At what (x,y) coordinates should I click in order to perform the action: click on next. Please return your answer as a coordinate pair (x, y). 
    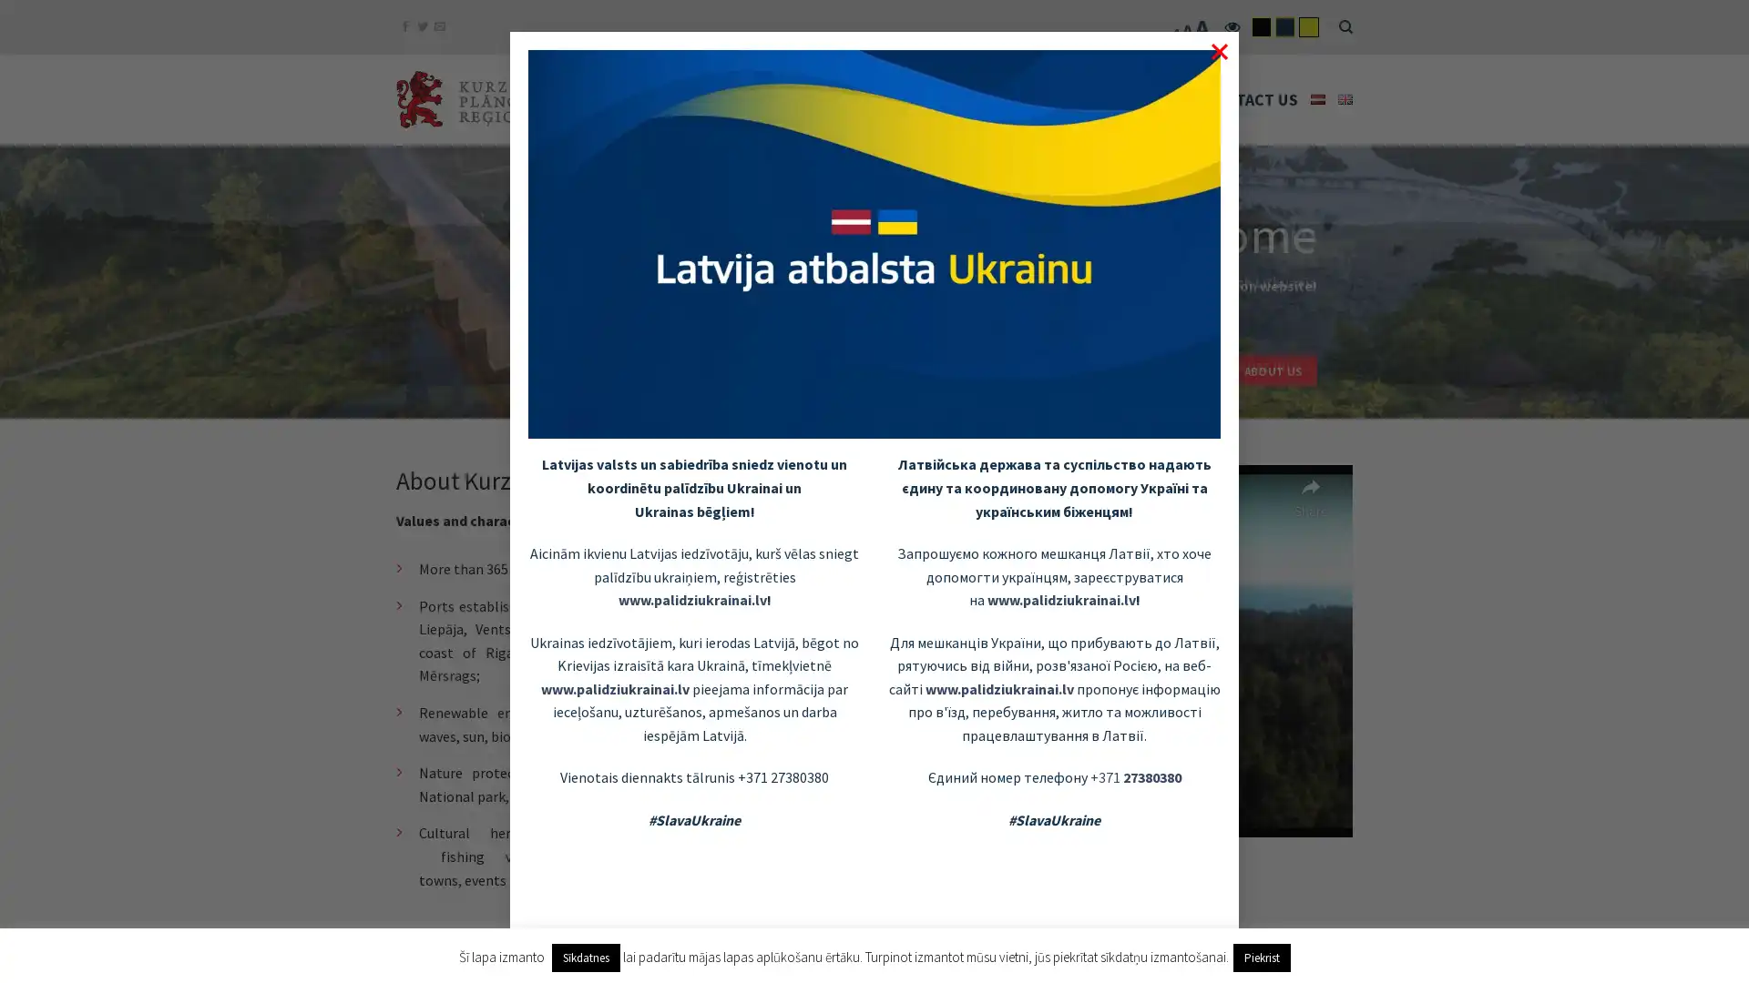
    Looking at the image, I should click on (1690, 280).